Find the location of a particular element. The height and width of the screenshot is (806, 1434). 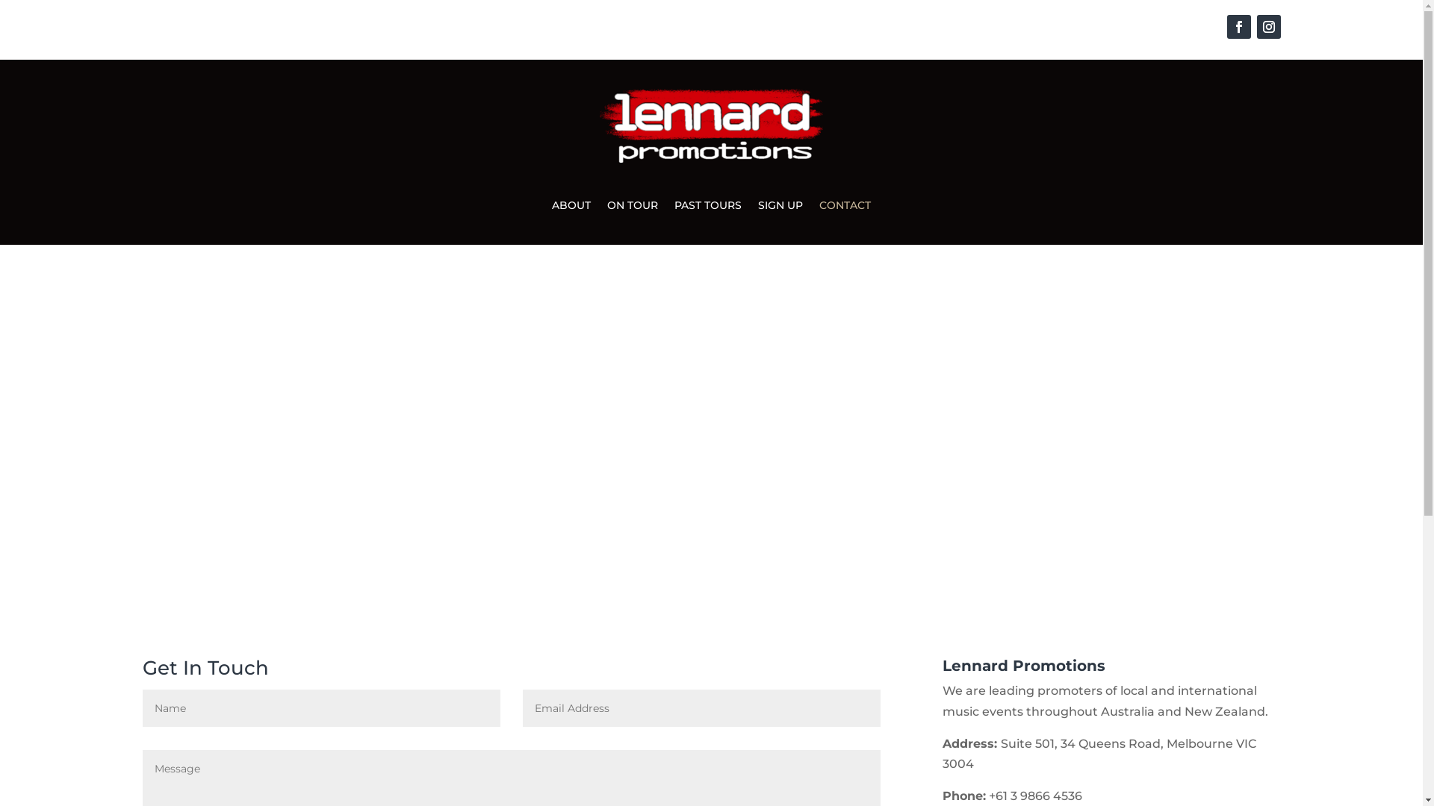

'Follow on Instagram' is located at coordinates (1267, 26).